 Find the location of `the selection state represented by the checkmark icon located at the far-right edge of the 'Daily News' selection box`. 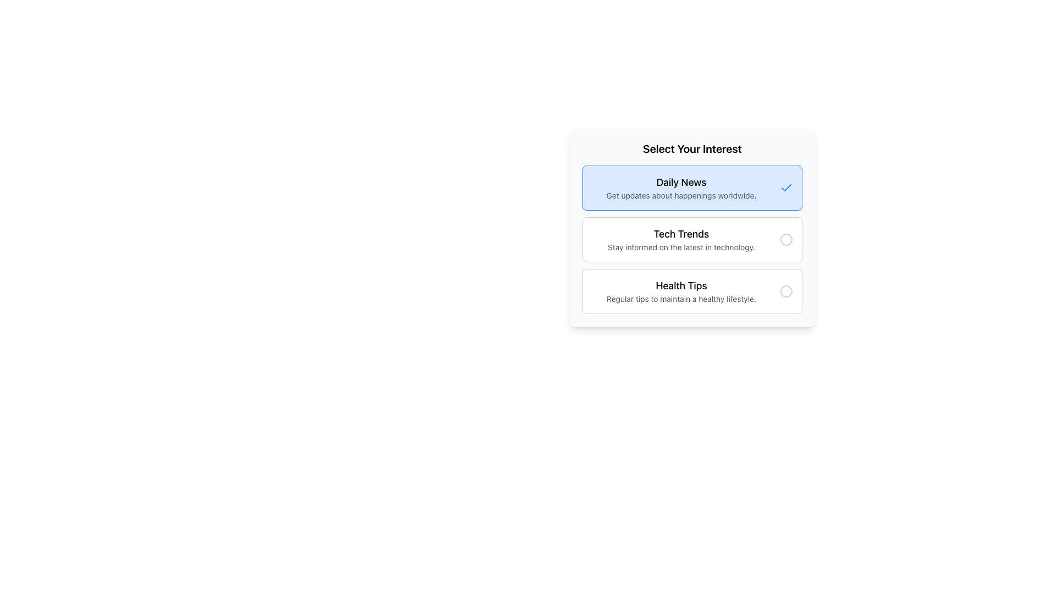

the selection state represented by the checkmark icon located at the far-right edge of the 'Daily News' selection box is located at coordinates (786, 187).